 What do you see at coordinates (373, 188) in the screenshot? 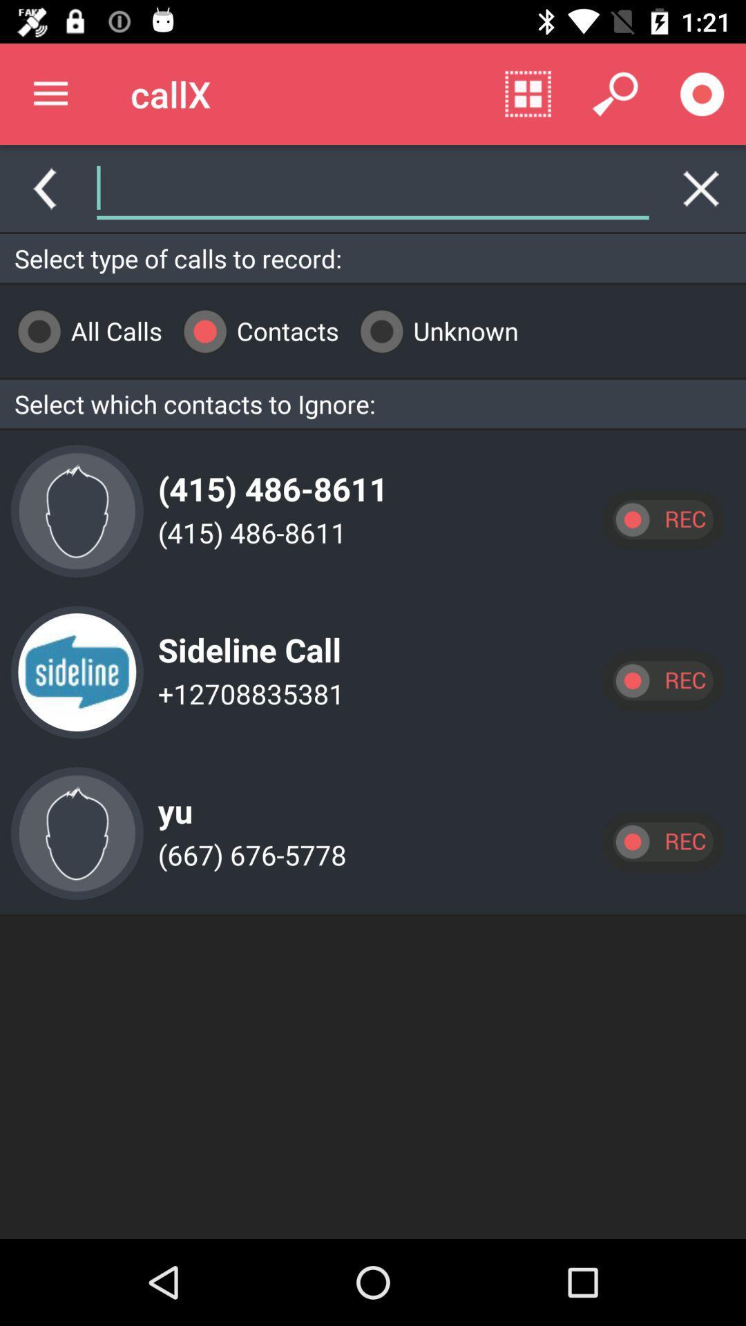
I see `search contacts` at bounding box center [373, 188].